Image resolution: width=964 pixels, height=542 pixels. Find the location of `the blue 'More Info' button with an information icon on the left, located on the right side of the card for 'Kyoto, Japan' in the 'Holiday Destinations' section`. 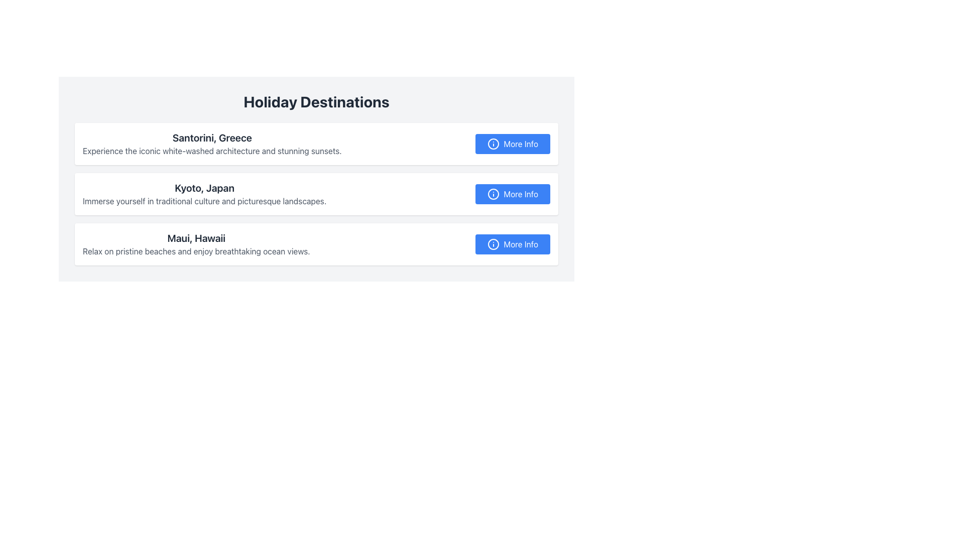

the blue 'More Info' button with an information icon on the left, located on the right side of the card for 'Kyoto, Japan' in the 'Holiday Destinations' section is located at coordinates (513, 194).